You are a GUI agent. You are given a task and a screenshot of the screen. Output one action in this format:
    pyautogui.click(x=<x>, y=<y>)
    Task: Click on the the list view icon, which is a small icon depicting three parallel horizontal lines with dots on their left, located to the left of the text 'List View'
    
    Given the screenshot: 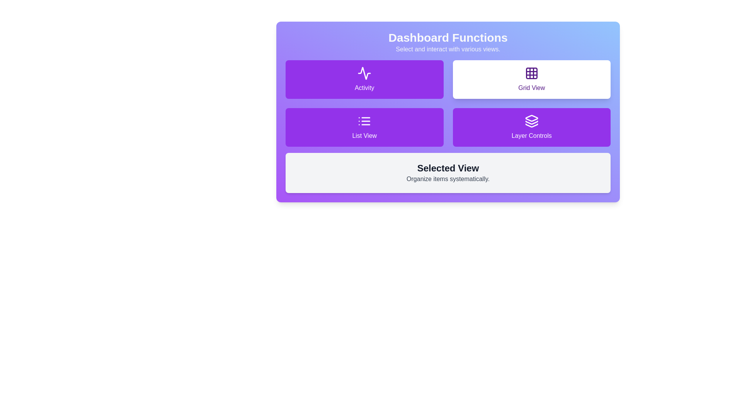 What is the action you would take?
    pyautogui.click(x=364, y=121)
    